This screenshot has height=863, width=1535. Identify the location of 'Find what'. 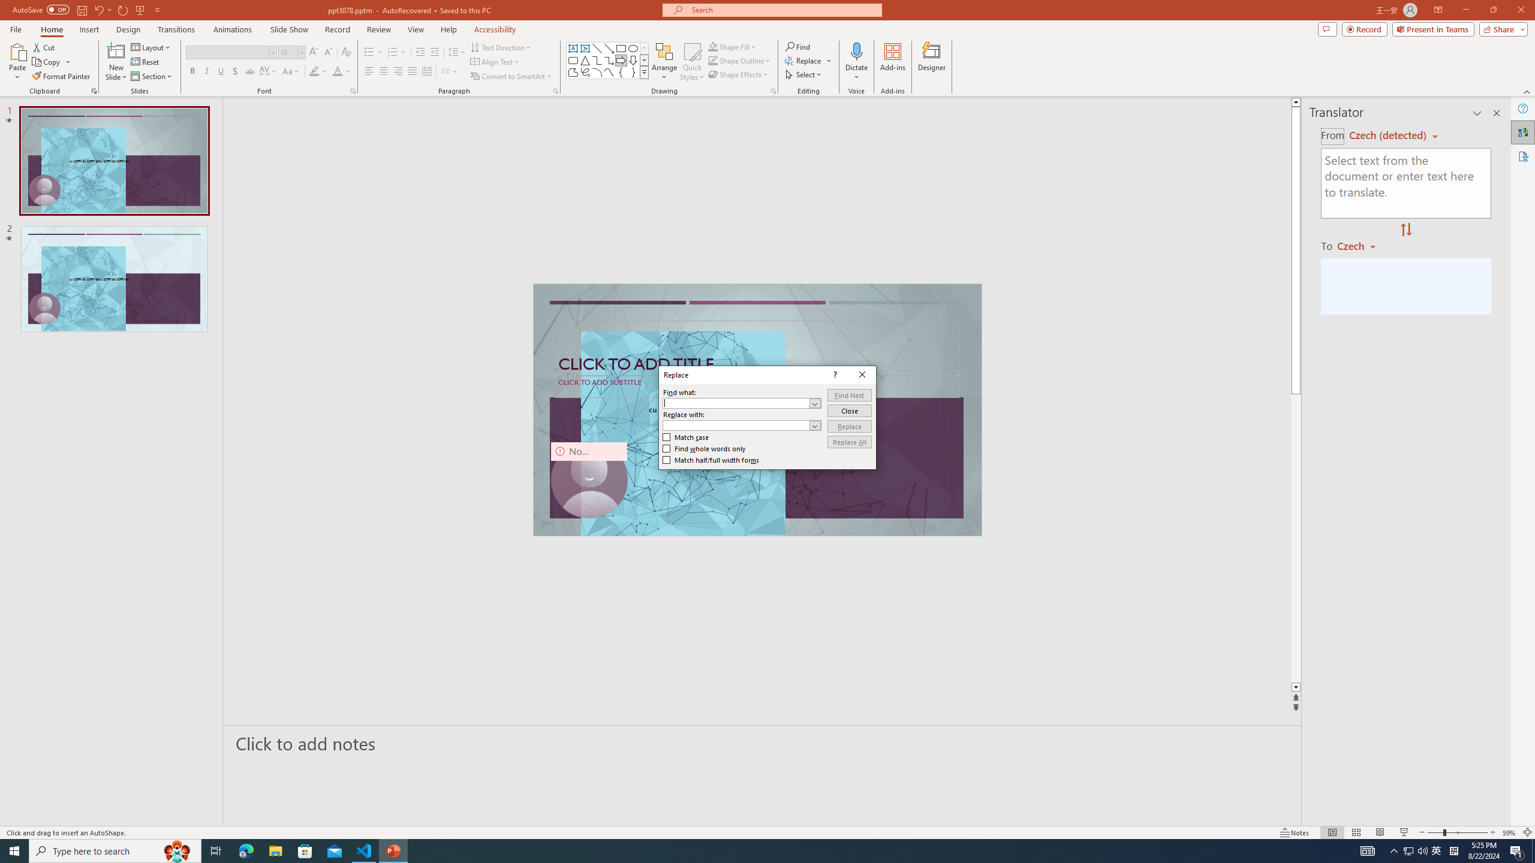
(741, 403).